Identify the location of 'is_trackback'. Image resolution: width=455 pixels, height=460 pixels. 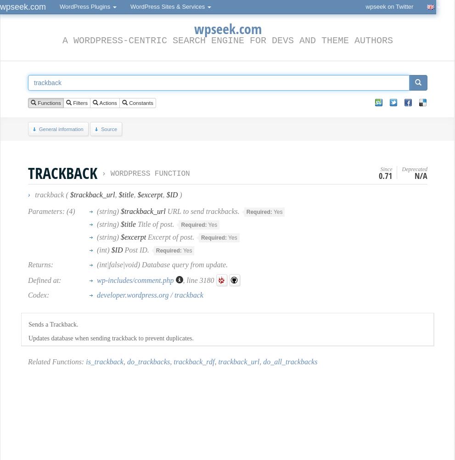
(104, 362).